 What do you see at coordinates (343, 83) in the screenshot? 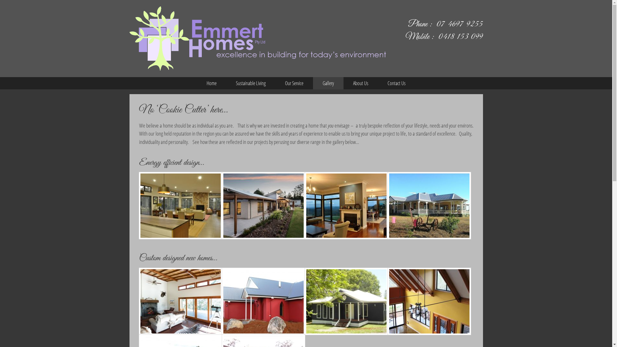
I see `'About Us'` at bounding box center [343, 83].